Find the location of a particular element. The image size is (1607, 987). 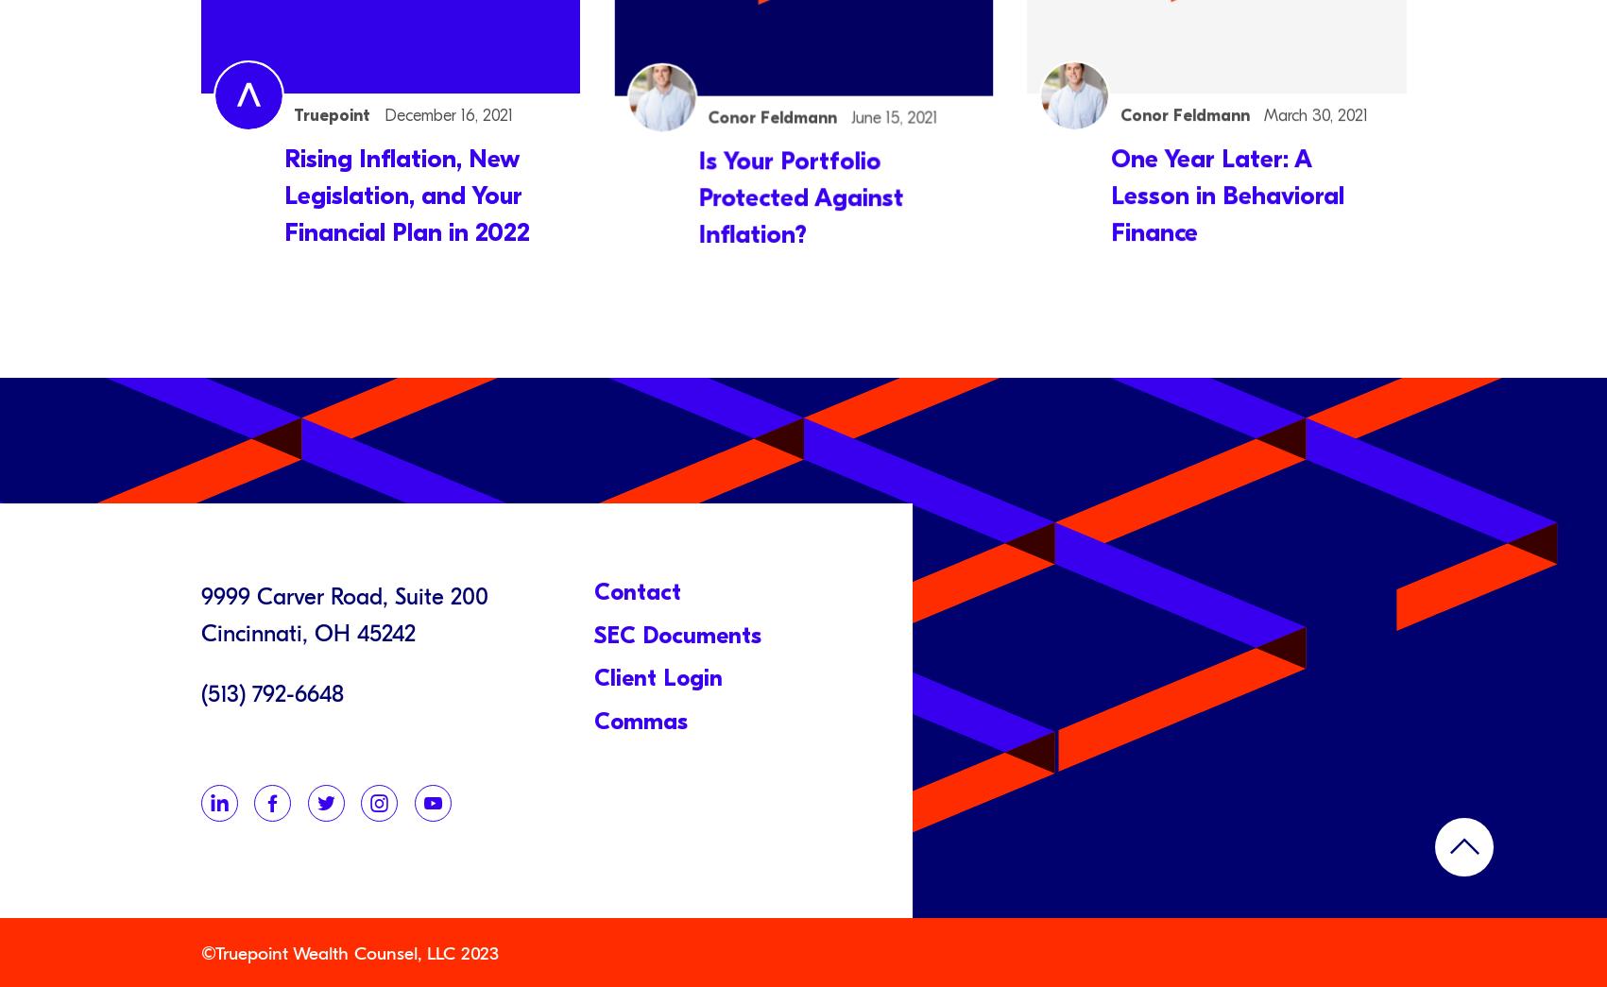

'9999 Carver Road, Suite 200' is located at coordinates (198, 594).